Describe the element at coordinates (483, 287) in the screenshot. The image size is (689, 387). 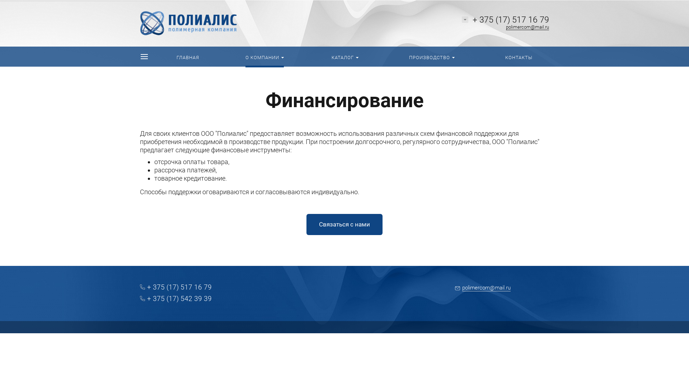
I see `'polimercom@mail.ru'` at that location.